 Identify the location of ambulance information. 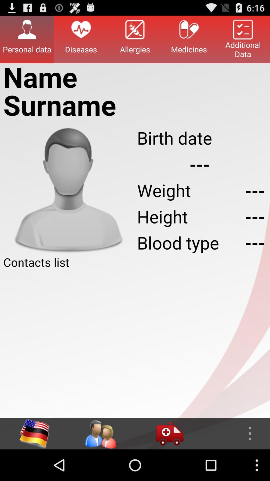
(169, 433).